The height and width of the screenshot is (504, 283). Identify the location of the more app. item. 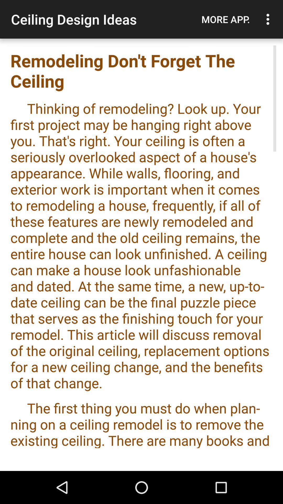
(225, 19).